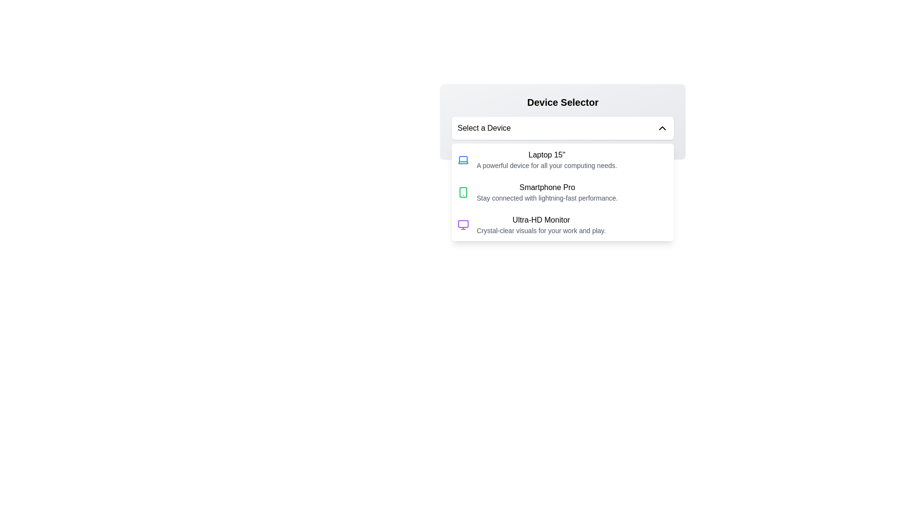 The width and height of the screenshot is (919, 517). Describe the element at coordinates (563, 225) in the screenshot. I see `the selectable list item titled 'Ultra-HD Monitor' in the dropdown menu` at that location.